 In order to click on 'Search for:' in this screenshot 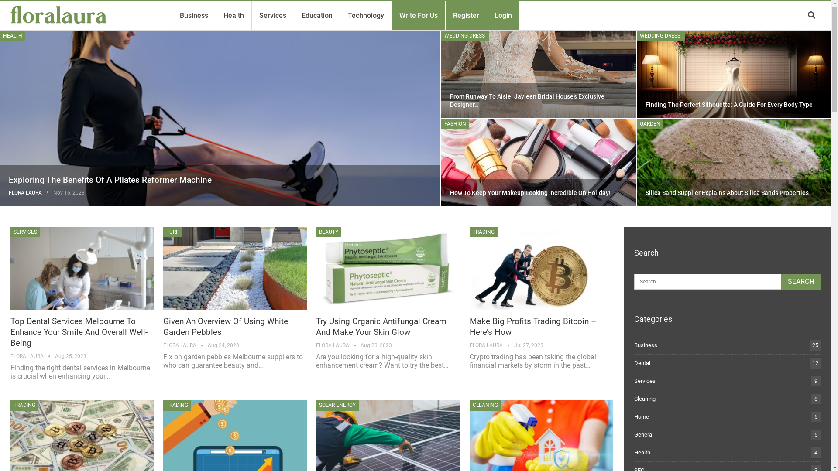, I will do `click(727, 281)`.